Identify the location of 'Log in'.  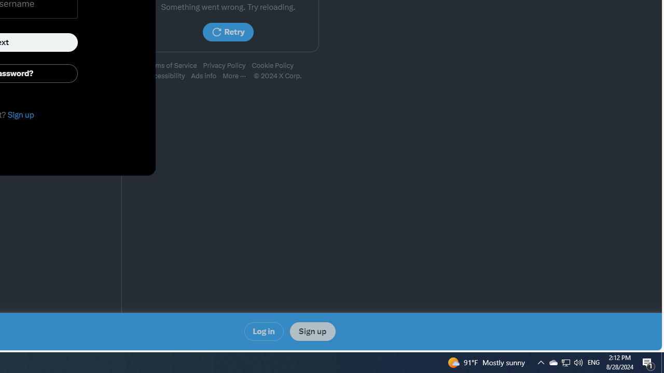
(264, 332).